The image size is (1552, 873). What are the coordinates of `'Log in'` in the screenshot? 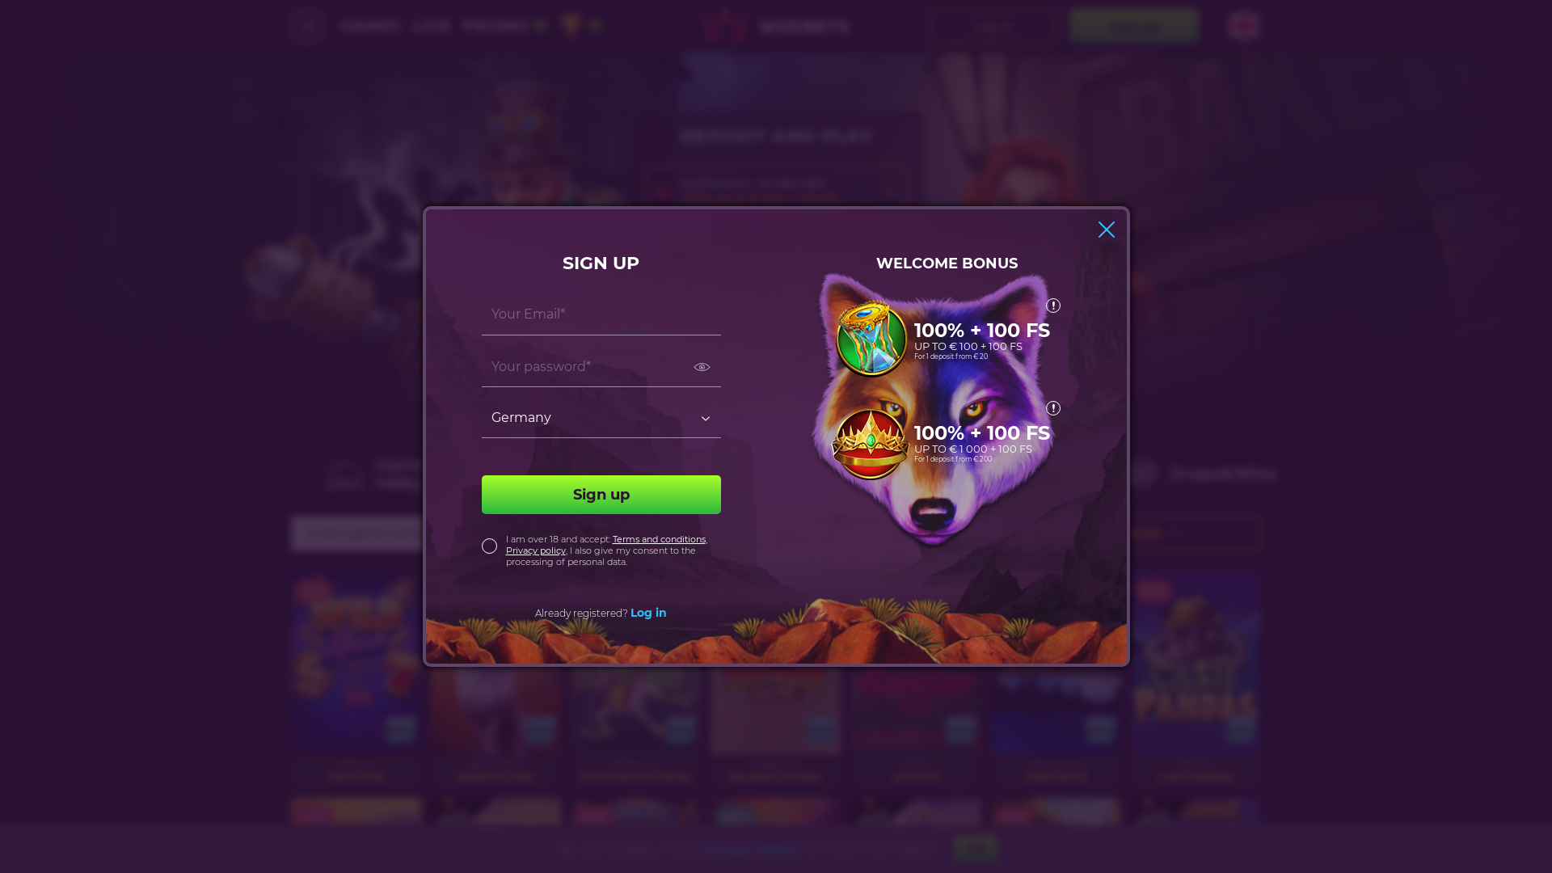 It's located at (648, 613).